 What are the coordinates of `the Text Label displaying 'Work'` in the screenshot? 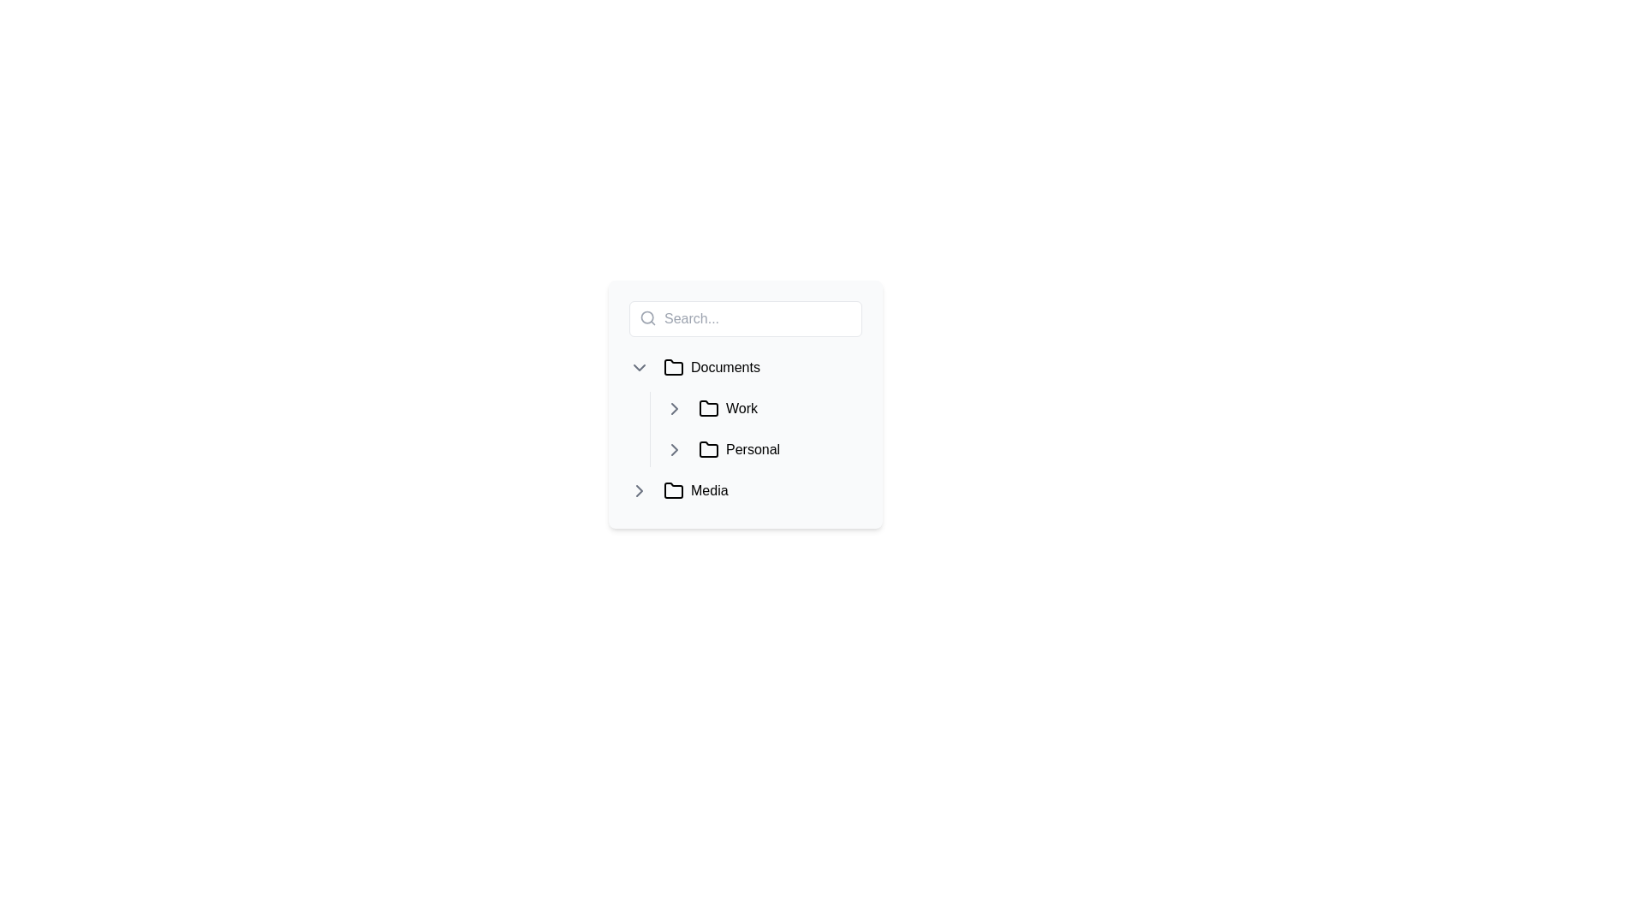 It's located at (742, 409).